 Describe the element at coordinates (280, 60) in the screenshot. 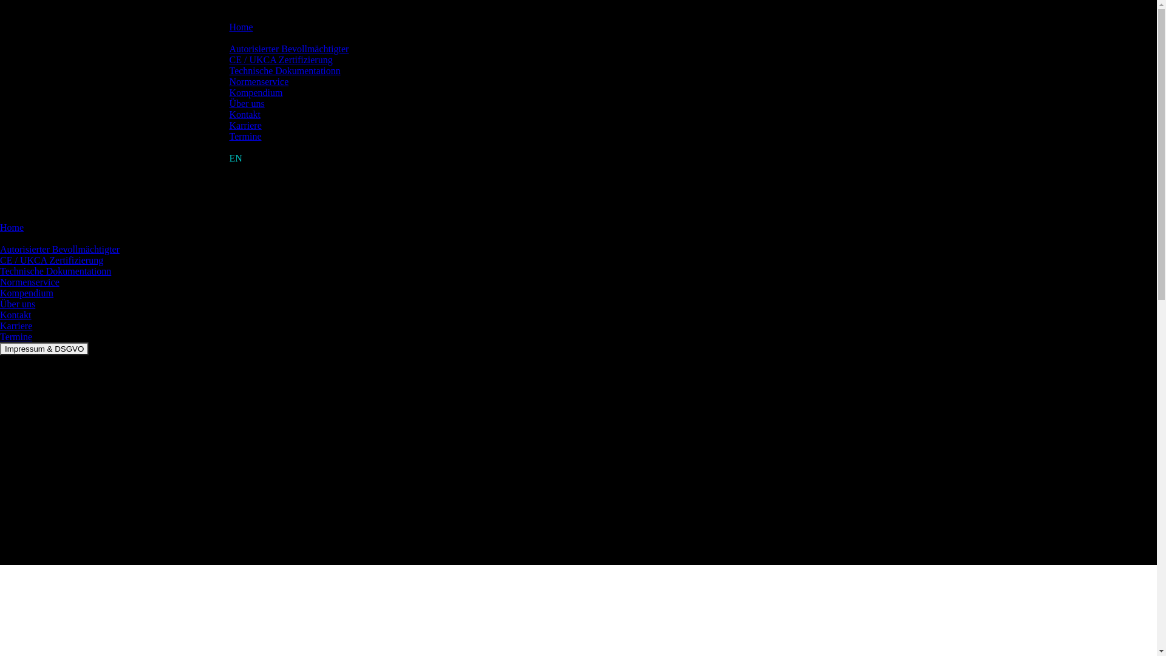

I see `'CE / UKCA Zertifizierung'` at that location.